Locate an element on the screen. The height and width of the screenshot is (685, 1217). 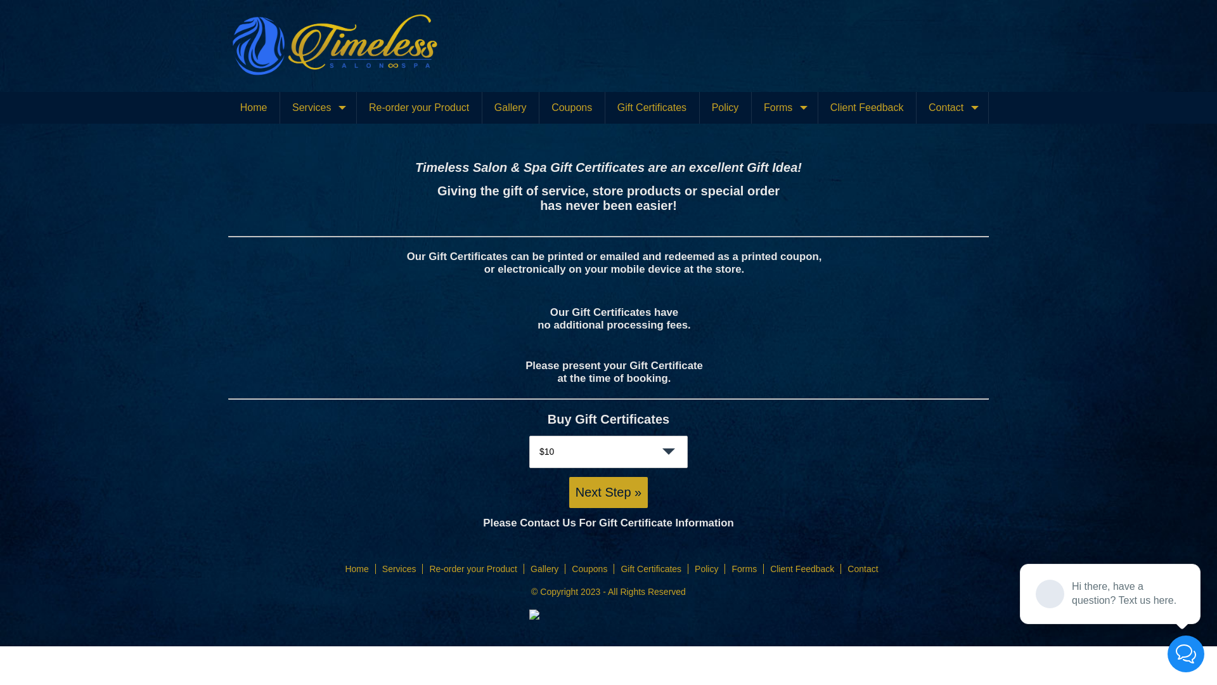
'Re-order your Product' is located at coordinates (472, 568).